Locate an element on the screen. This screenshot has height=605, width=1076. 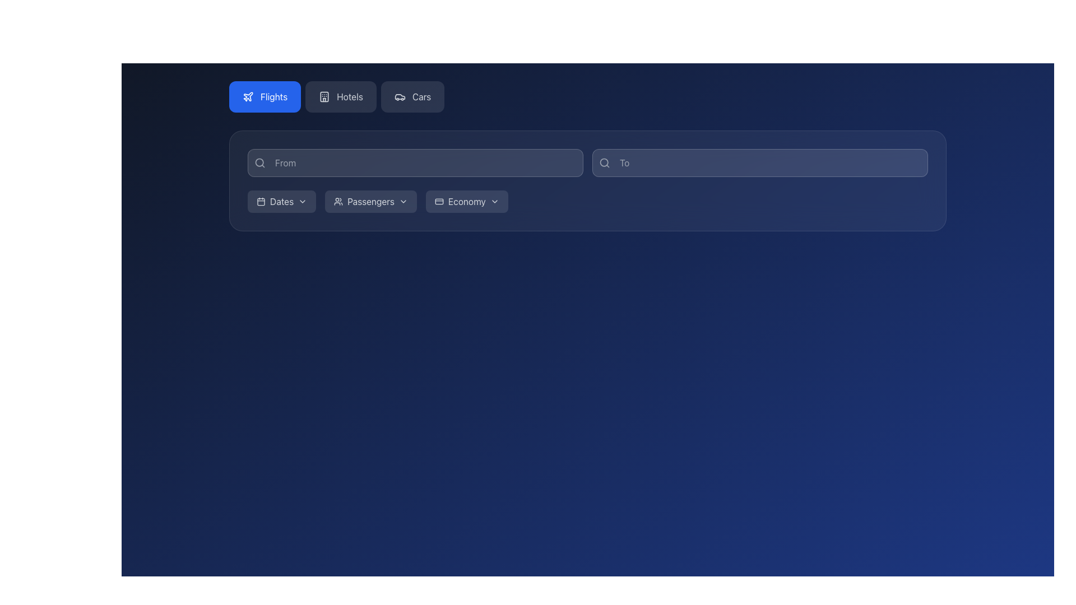
the search location icon positioned to the left of the 'From' search bar, which visually indicates the input field's purpose is located at coordinates (259, 162).